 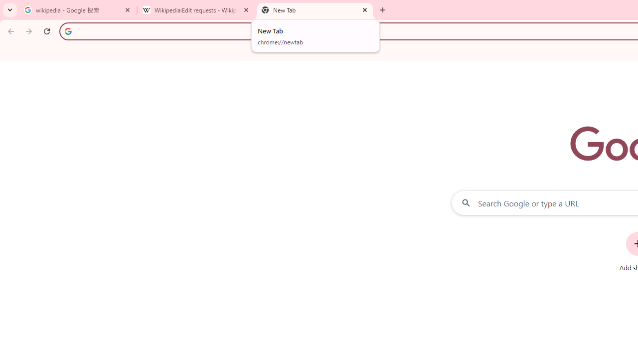 What do you see at coordinates (315, 10) in the screenshot?
I see `'New Tab'` at bounding box center [315, 10].